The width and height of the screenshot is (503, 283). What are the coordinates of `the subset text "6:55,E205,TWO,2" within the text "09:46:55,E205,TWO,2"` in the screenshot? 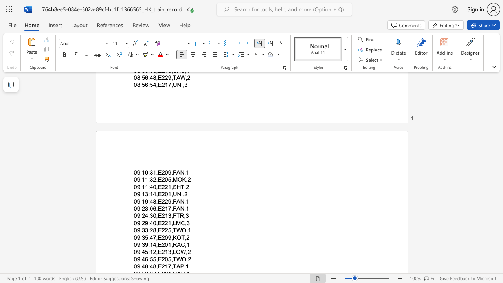 It's located at (145, 259).